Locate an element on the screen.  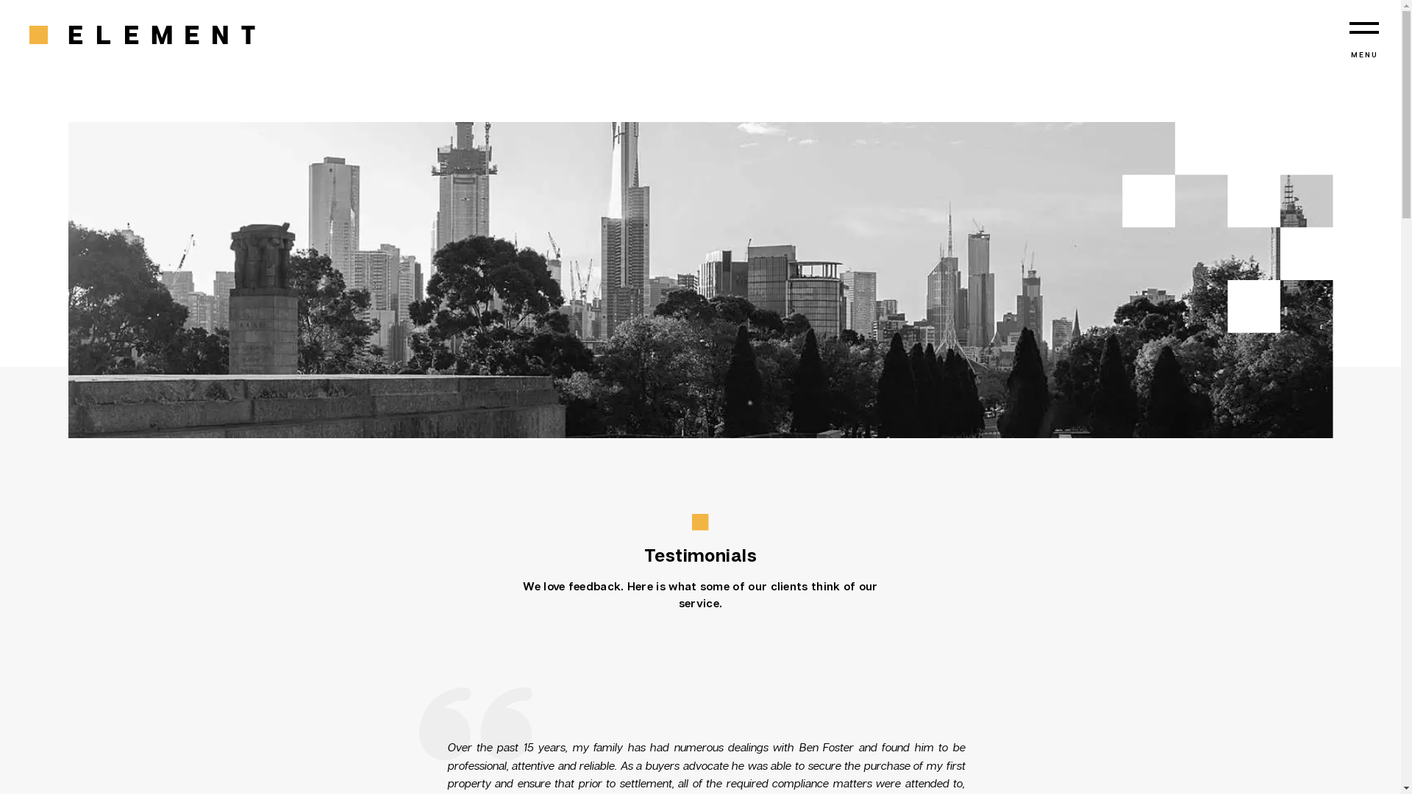
'MENU' is located at coordinates (1349, 39).